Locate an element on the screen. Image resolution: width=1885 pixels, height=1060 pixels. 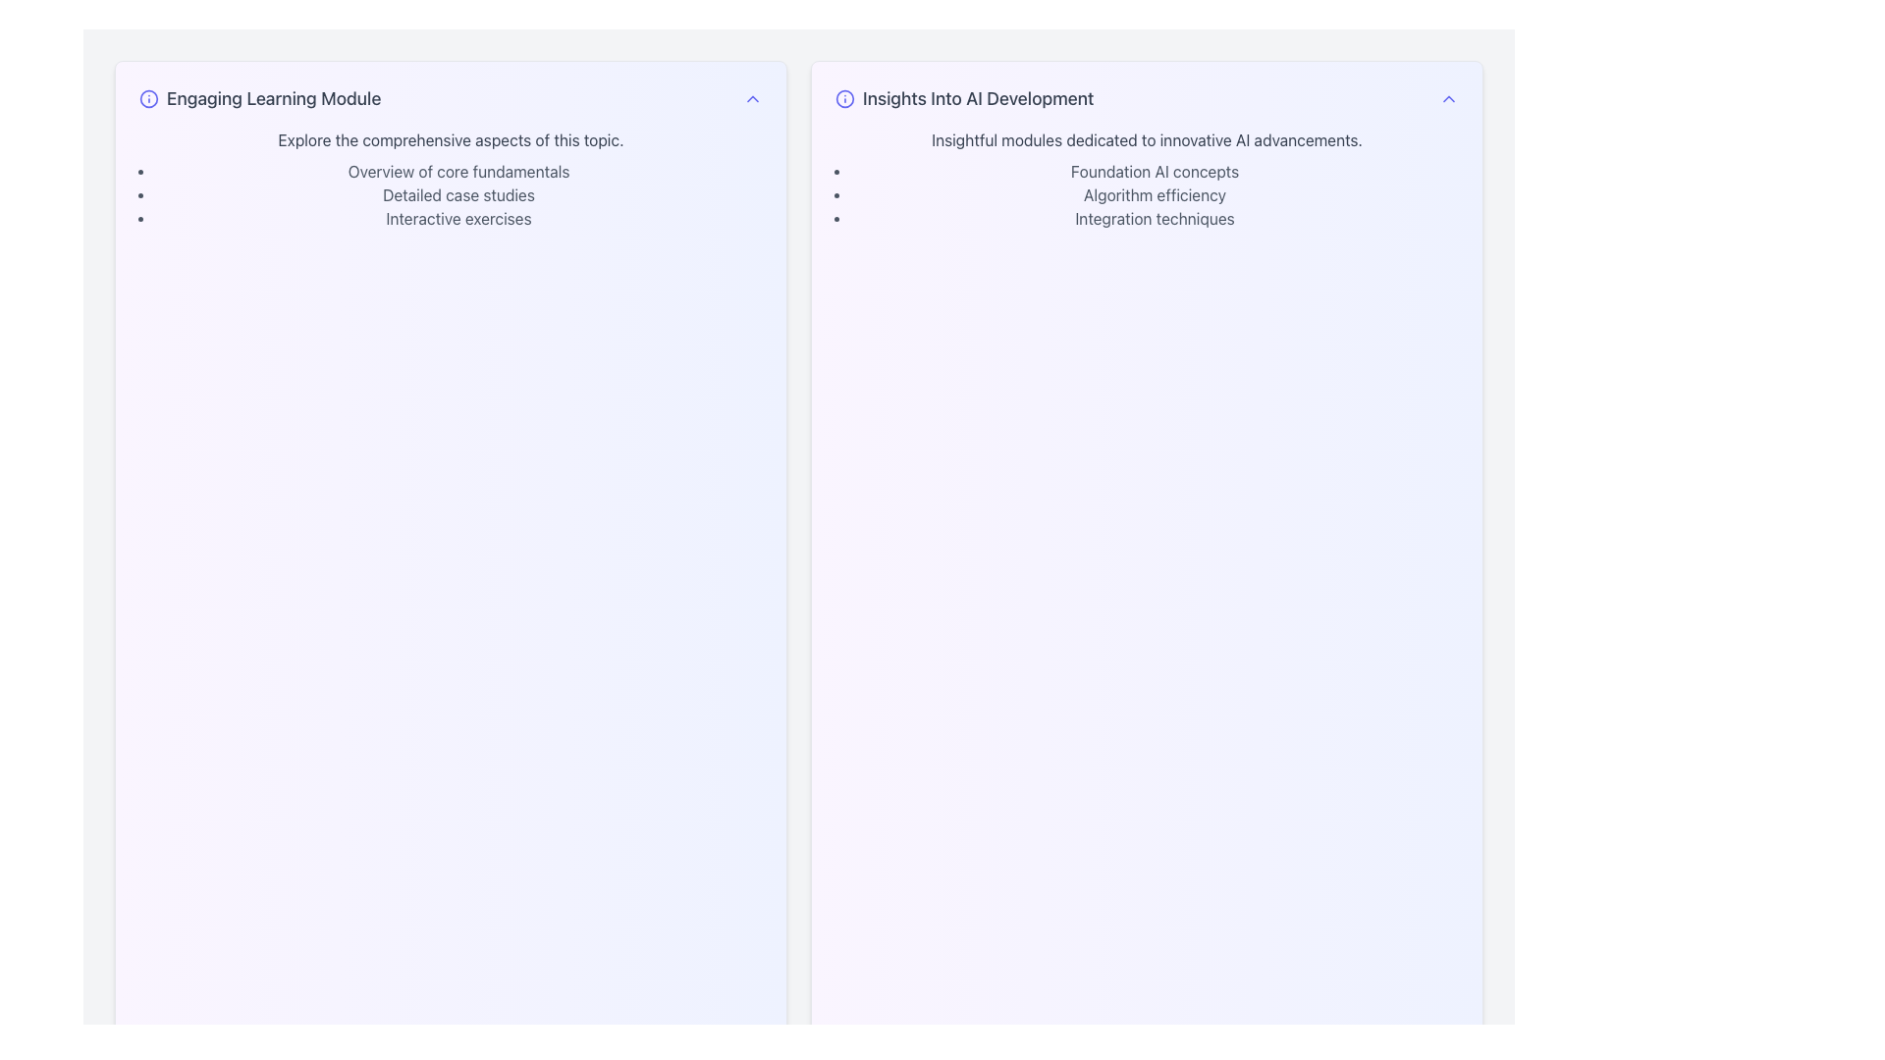
the information icon, which is a circular icon with an 'i' inside, located in the top-left corner of the 'Insights Into AI Development' section is located at coordinates (844, 98).